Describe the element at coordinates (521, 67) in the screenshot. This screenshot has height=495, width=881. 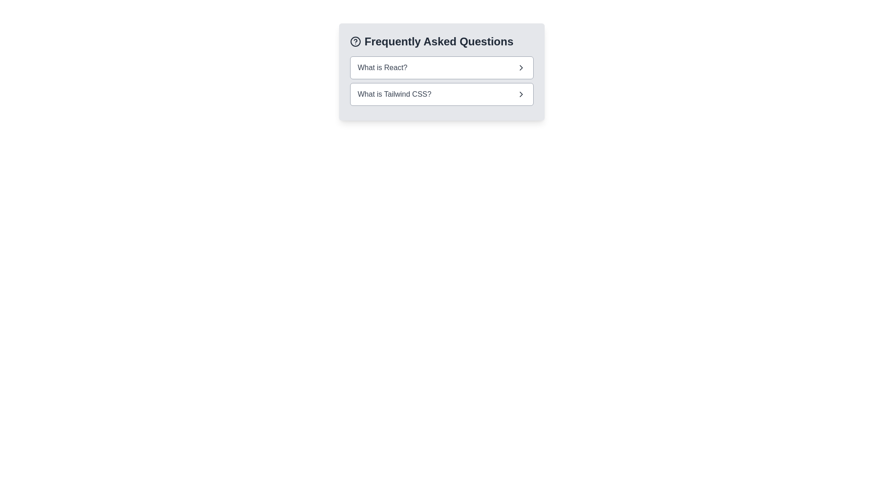
I see `the rightward-pointing arrow icon adjacent to the text 'What is React?'` at that location.